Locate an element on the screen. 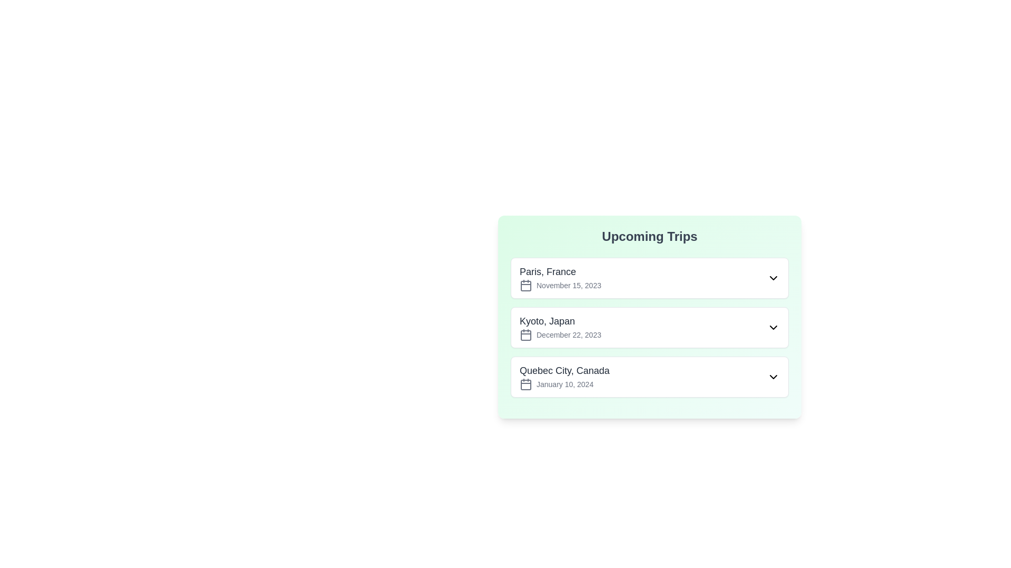 The height and width of the screenshot is (568, 1011). the text label indicating the destination of an upcoming trip, which is located beneath the 'Upcoming Trips' header and is the first entry in the list is located at coordinates (560, 271).